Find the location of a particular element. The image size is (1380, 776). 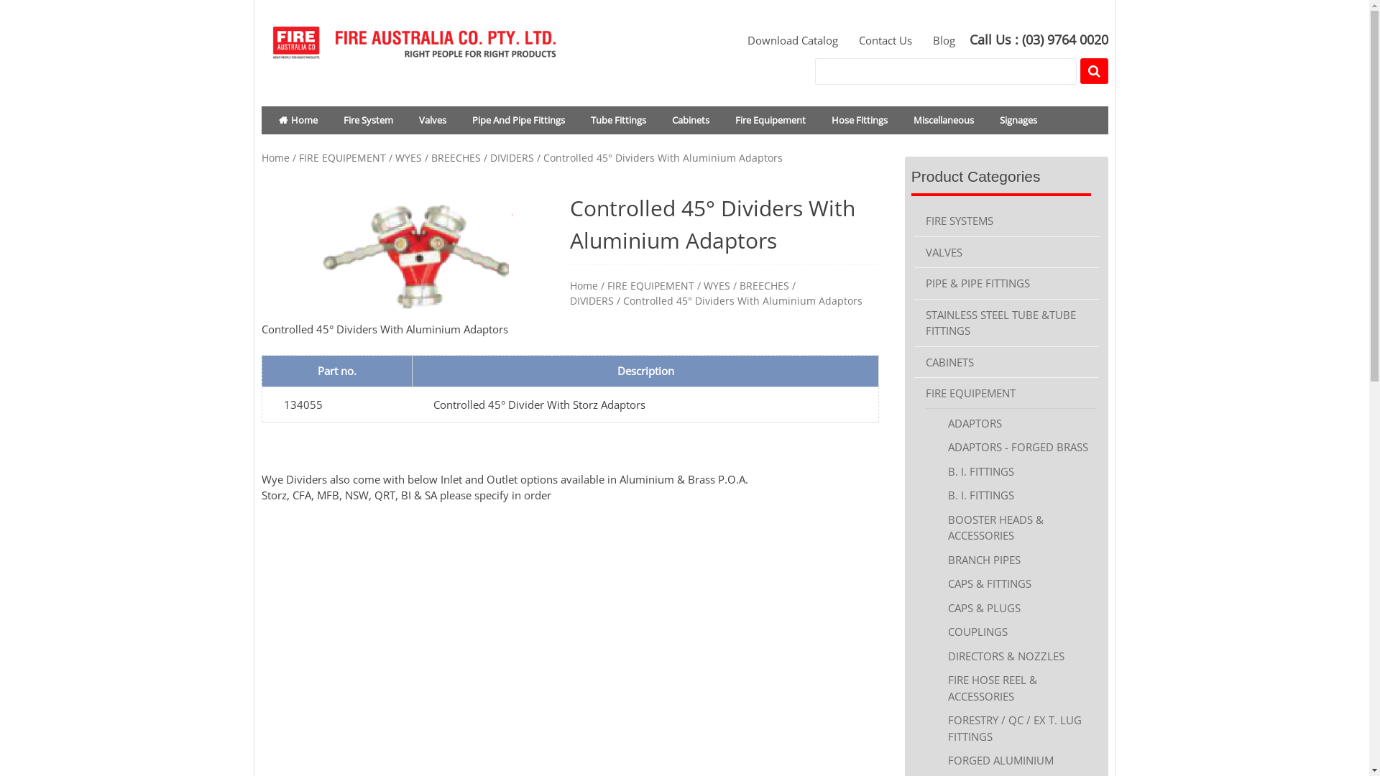

'FIRE HOSE REEL & ACCESSORIES' is located at coordinates (992, 687).